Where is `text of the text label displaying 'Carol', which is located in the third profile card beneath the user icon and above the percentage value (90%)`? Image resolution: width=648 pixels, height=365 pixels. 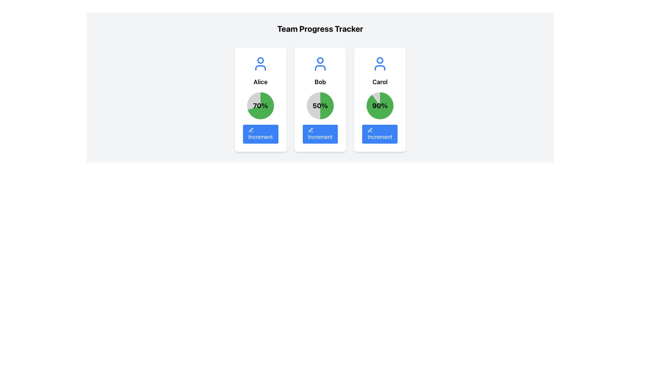
text of the text label displaying 'Carol', which is located in the third profile card beneath the user icon and above the percentage value (90%) is located at coordinates (380, 82).